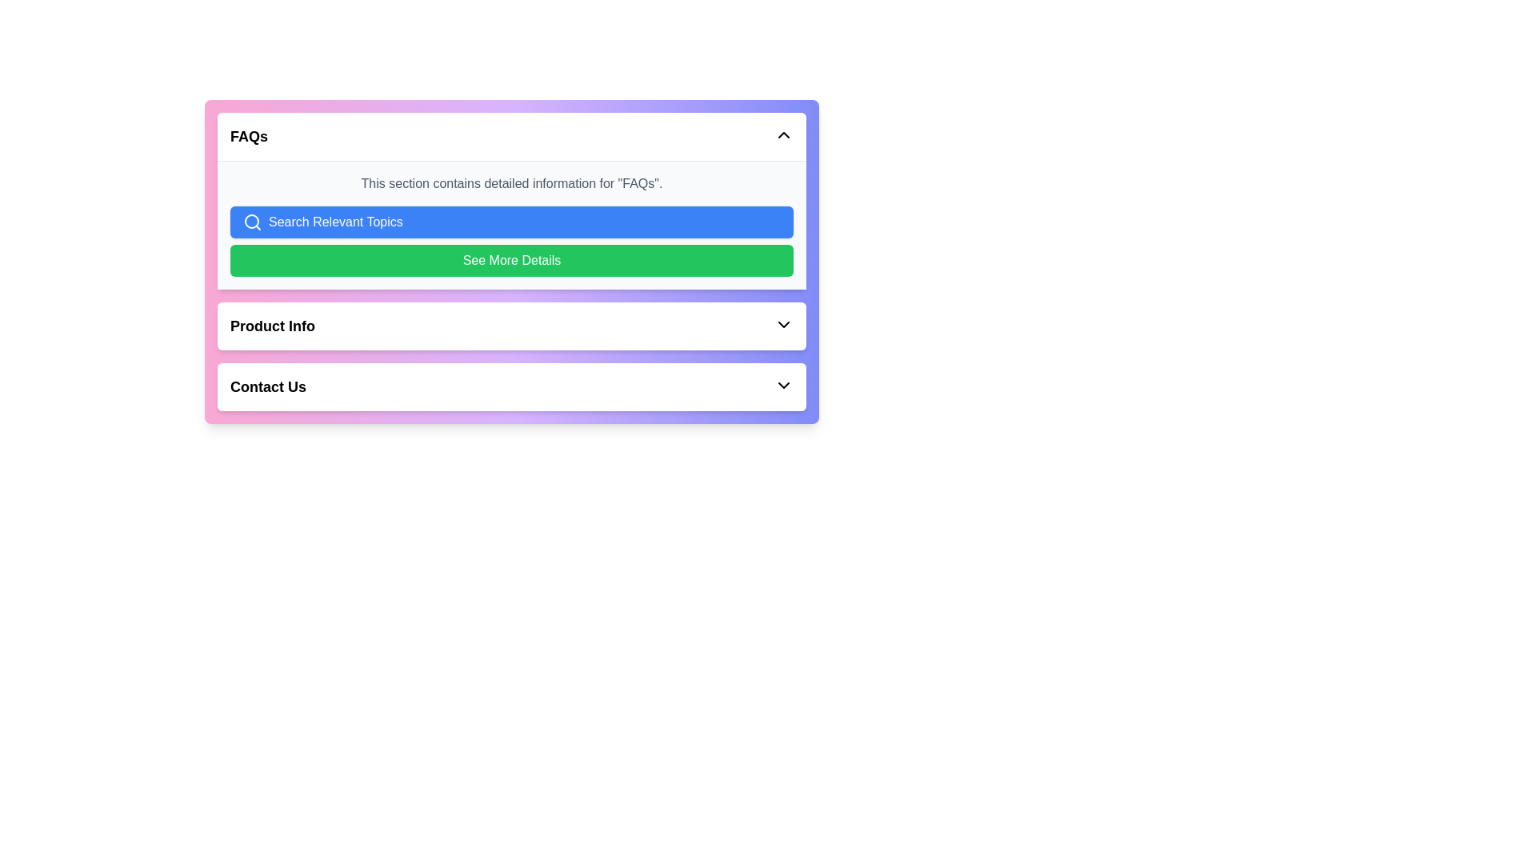  What do you see at coordinates (783, 134) in the screenshot?
I see `the chevron icon pointing upwards in the FAQs header section` at bounding box center [783, 134].